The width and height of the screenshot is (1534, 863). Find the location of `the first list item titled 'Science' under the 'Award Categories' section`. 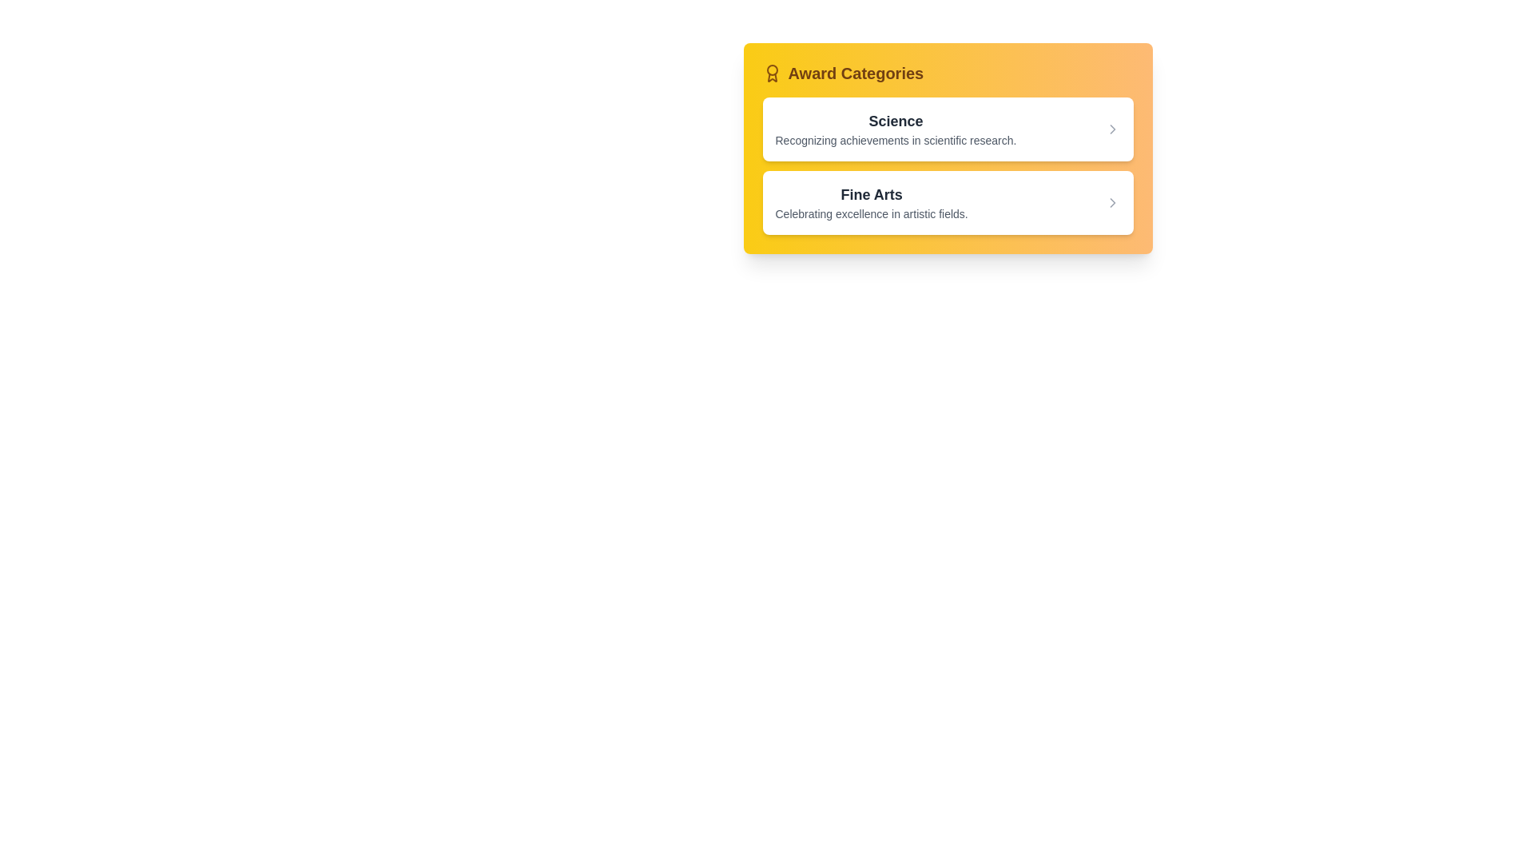

the first list item titled 'Science' under the 'Award Categories' section is located at coordinates (948, 129).